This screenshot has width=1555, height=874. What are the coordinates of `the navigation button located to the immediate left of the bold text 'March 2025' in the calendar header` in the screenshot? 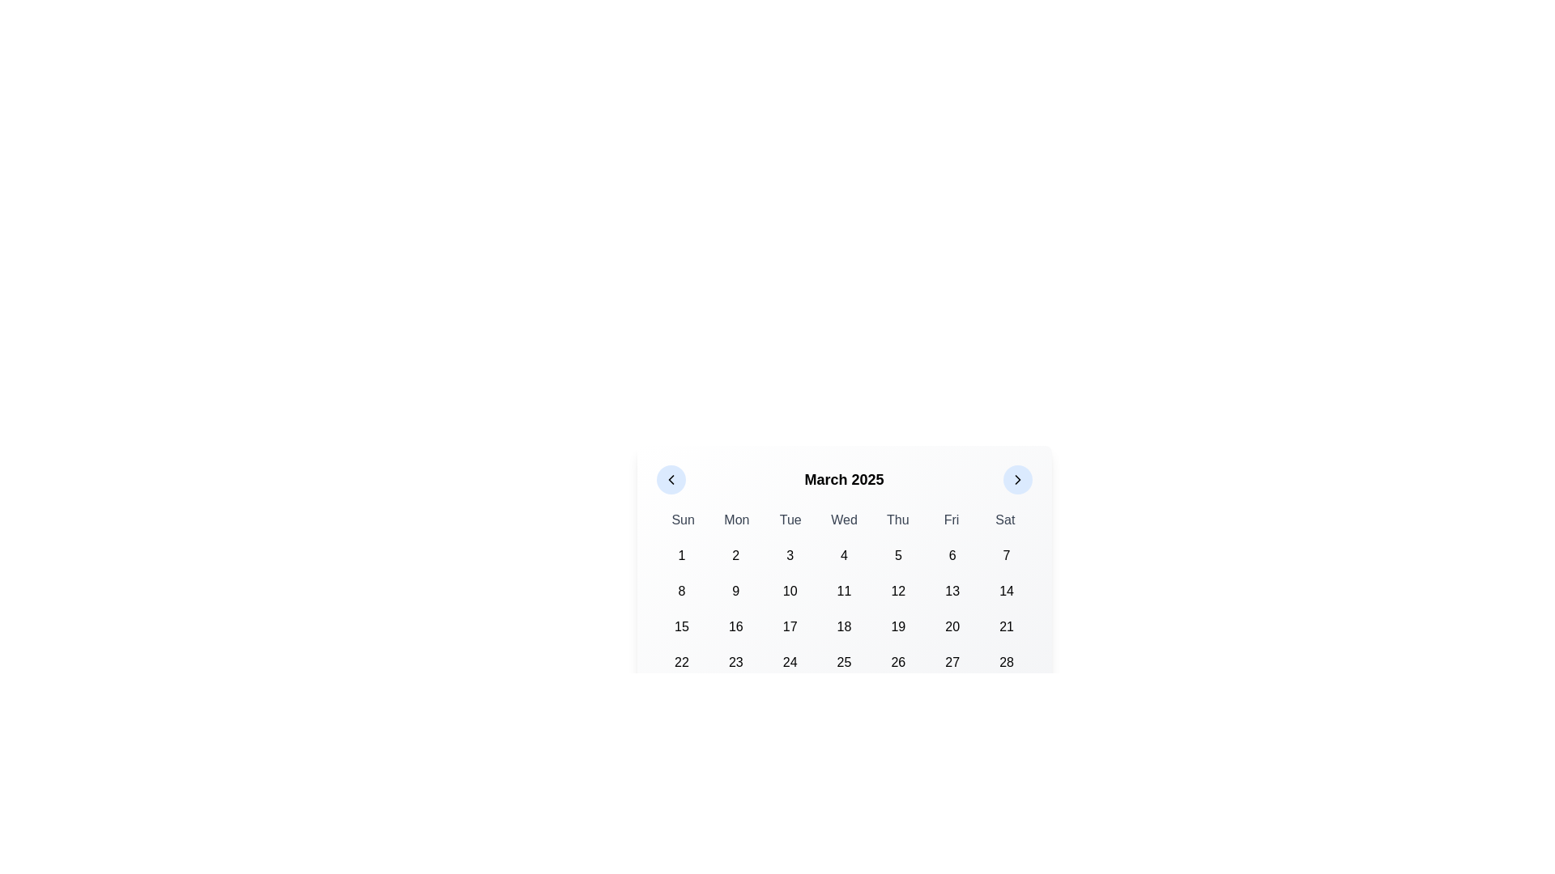 It's located at (671, 479).